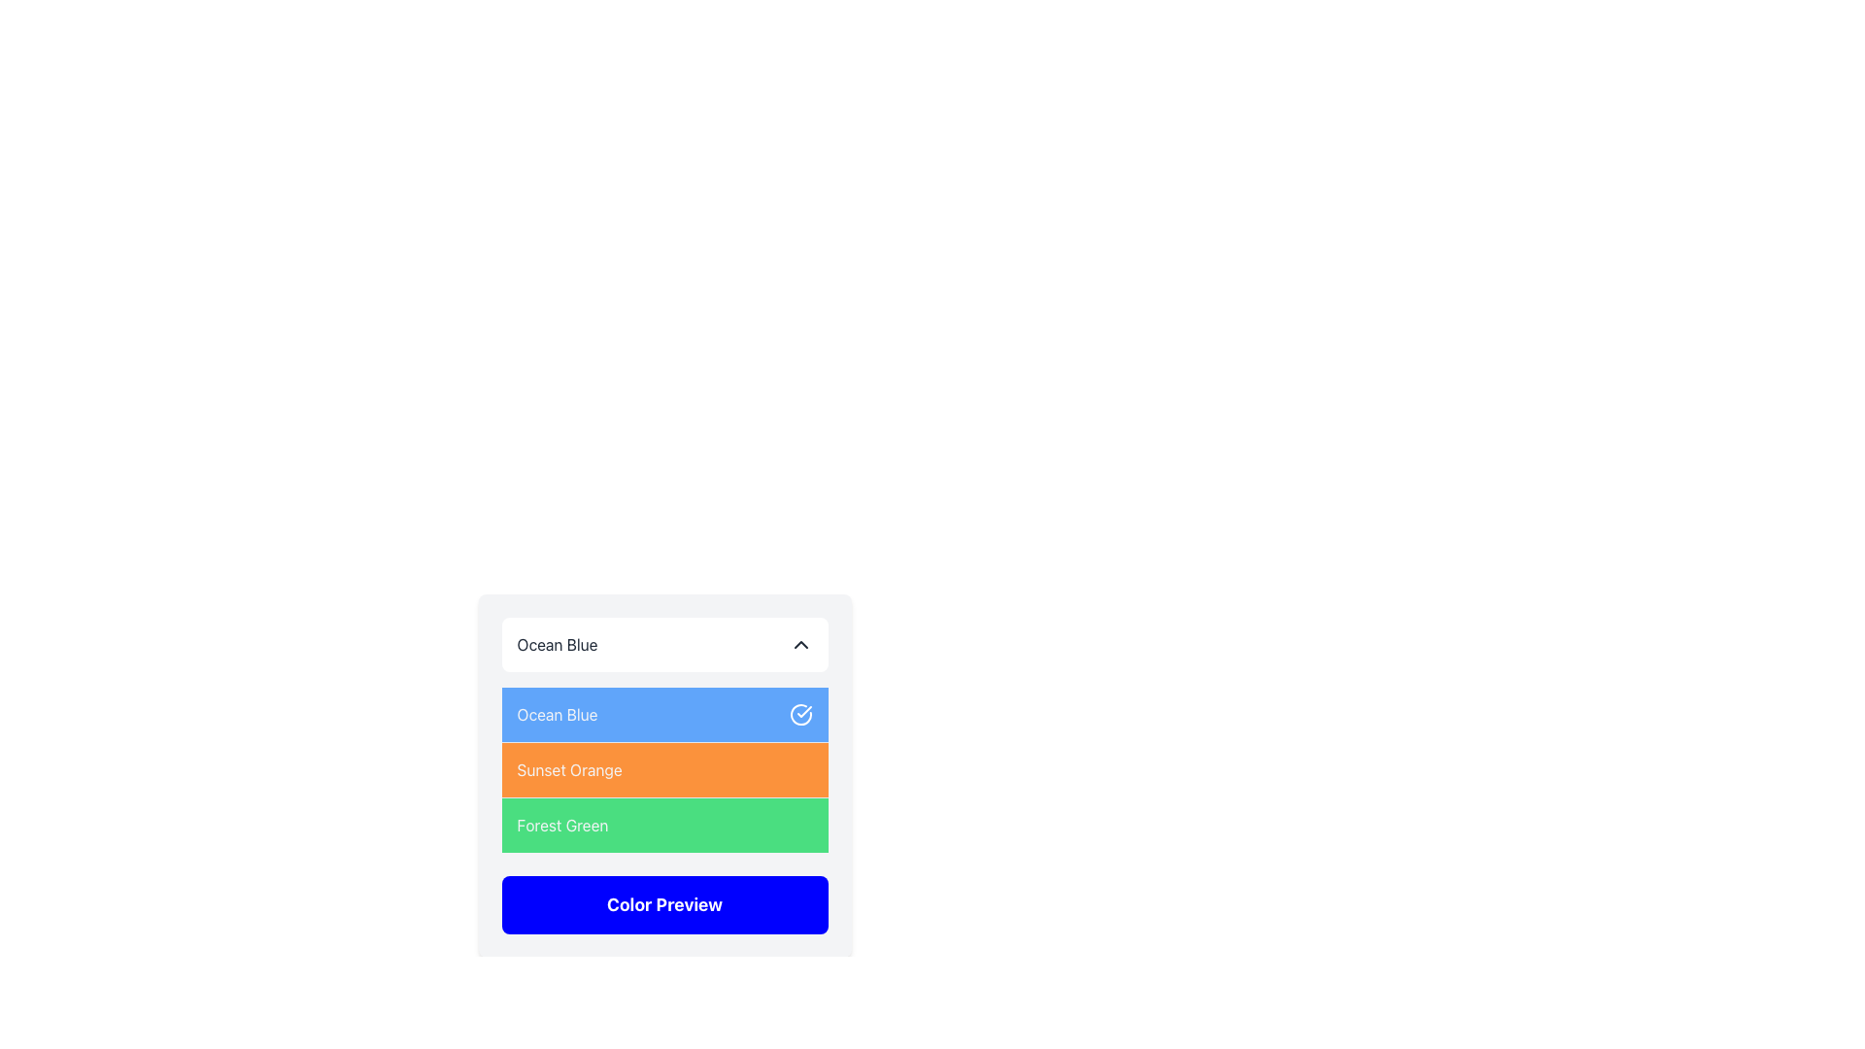  What do you see at coordinates (804, 711) in the screenshot?
I see `the small white checkmark icon located within the blue circular button on the right side of the 'Ocean Blue' option in the dropdown list` at bounding box center [804, 711].